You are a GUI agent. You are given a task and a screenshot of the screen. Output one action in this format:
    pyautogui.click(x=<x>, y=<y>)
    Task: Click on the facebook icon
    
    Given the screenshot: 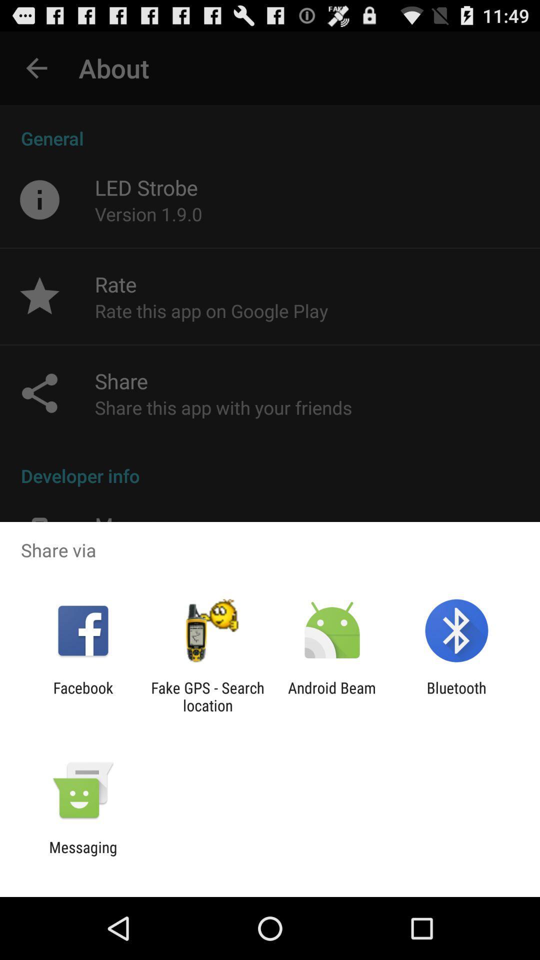 What is the action you would take?
    pyautogui.click(x=82, y=696)
    